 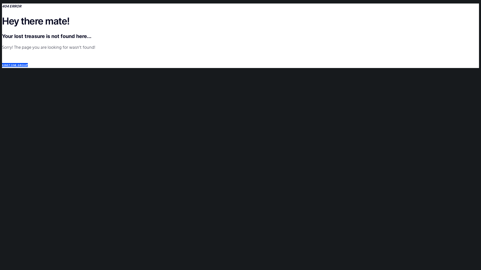 What do you see at coordinates (15, 64) in the screenshot?
I see `'KINSTONE GROUP'` at bounding box center [15, 64].